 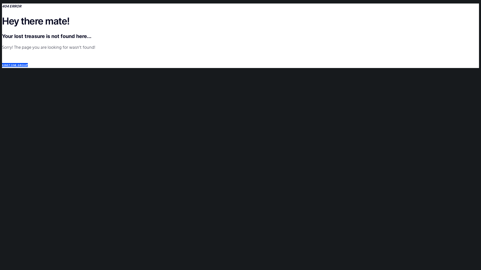 What do you see at coordinates (15, 64) in the screenshot?
I see `'KINSTONE GROUP'` at bounding box center [15, 64].